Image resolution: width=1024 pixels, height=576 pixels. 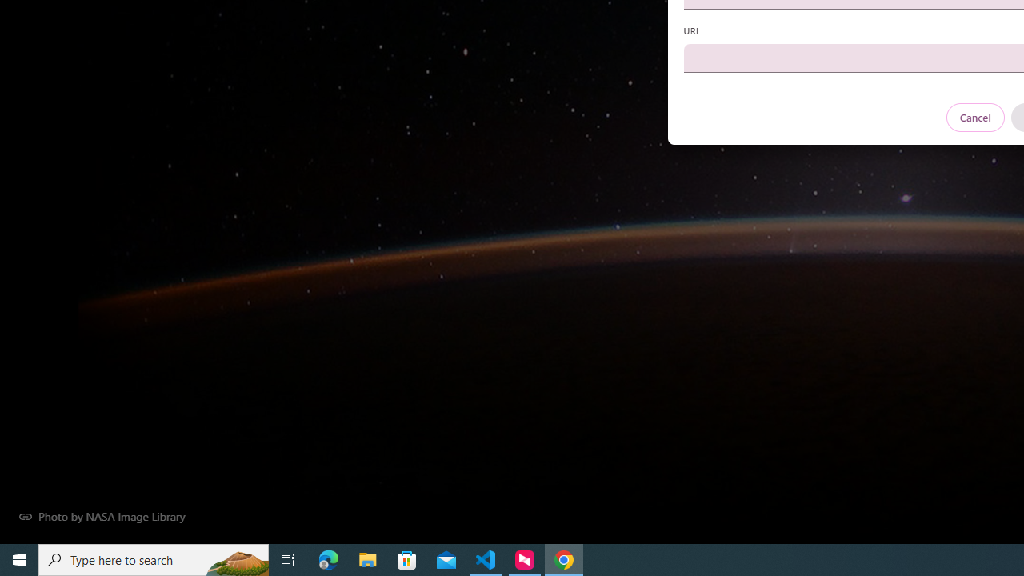 I want to click on 'Cancel', so click(x=974, y=116).